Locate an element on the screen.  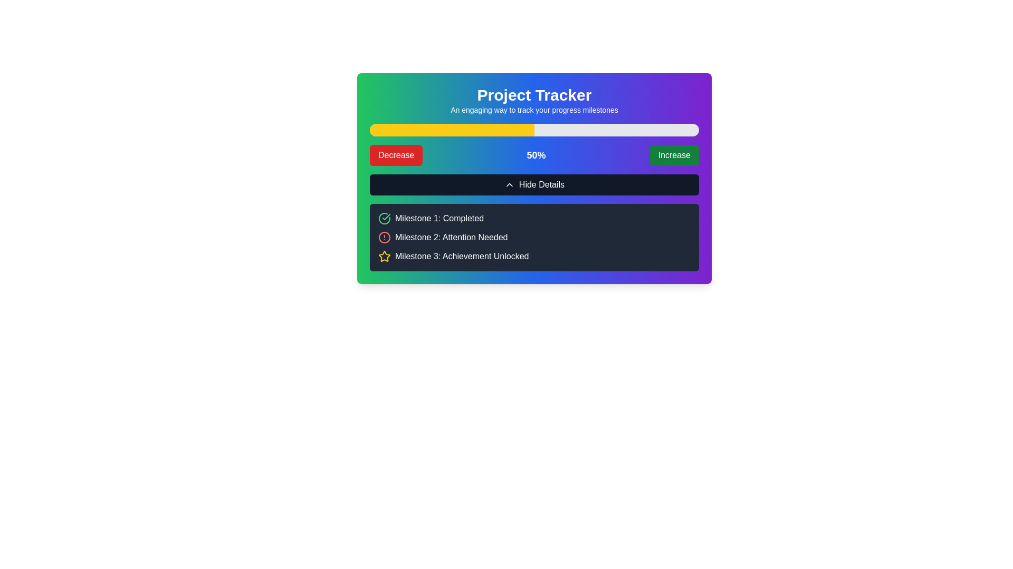
the percentage completion label displaying '50%' in the Composite component of the 'Project Tracker' to check its tooltip is located at coordinates (534, 155).